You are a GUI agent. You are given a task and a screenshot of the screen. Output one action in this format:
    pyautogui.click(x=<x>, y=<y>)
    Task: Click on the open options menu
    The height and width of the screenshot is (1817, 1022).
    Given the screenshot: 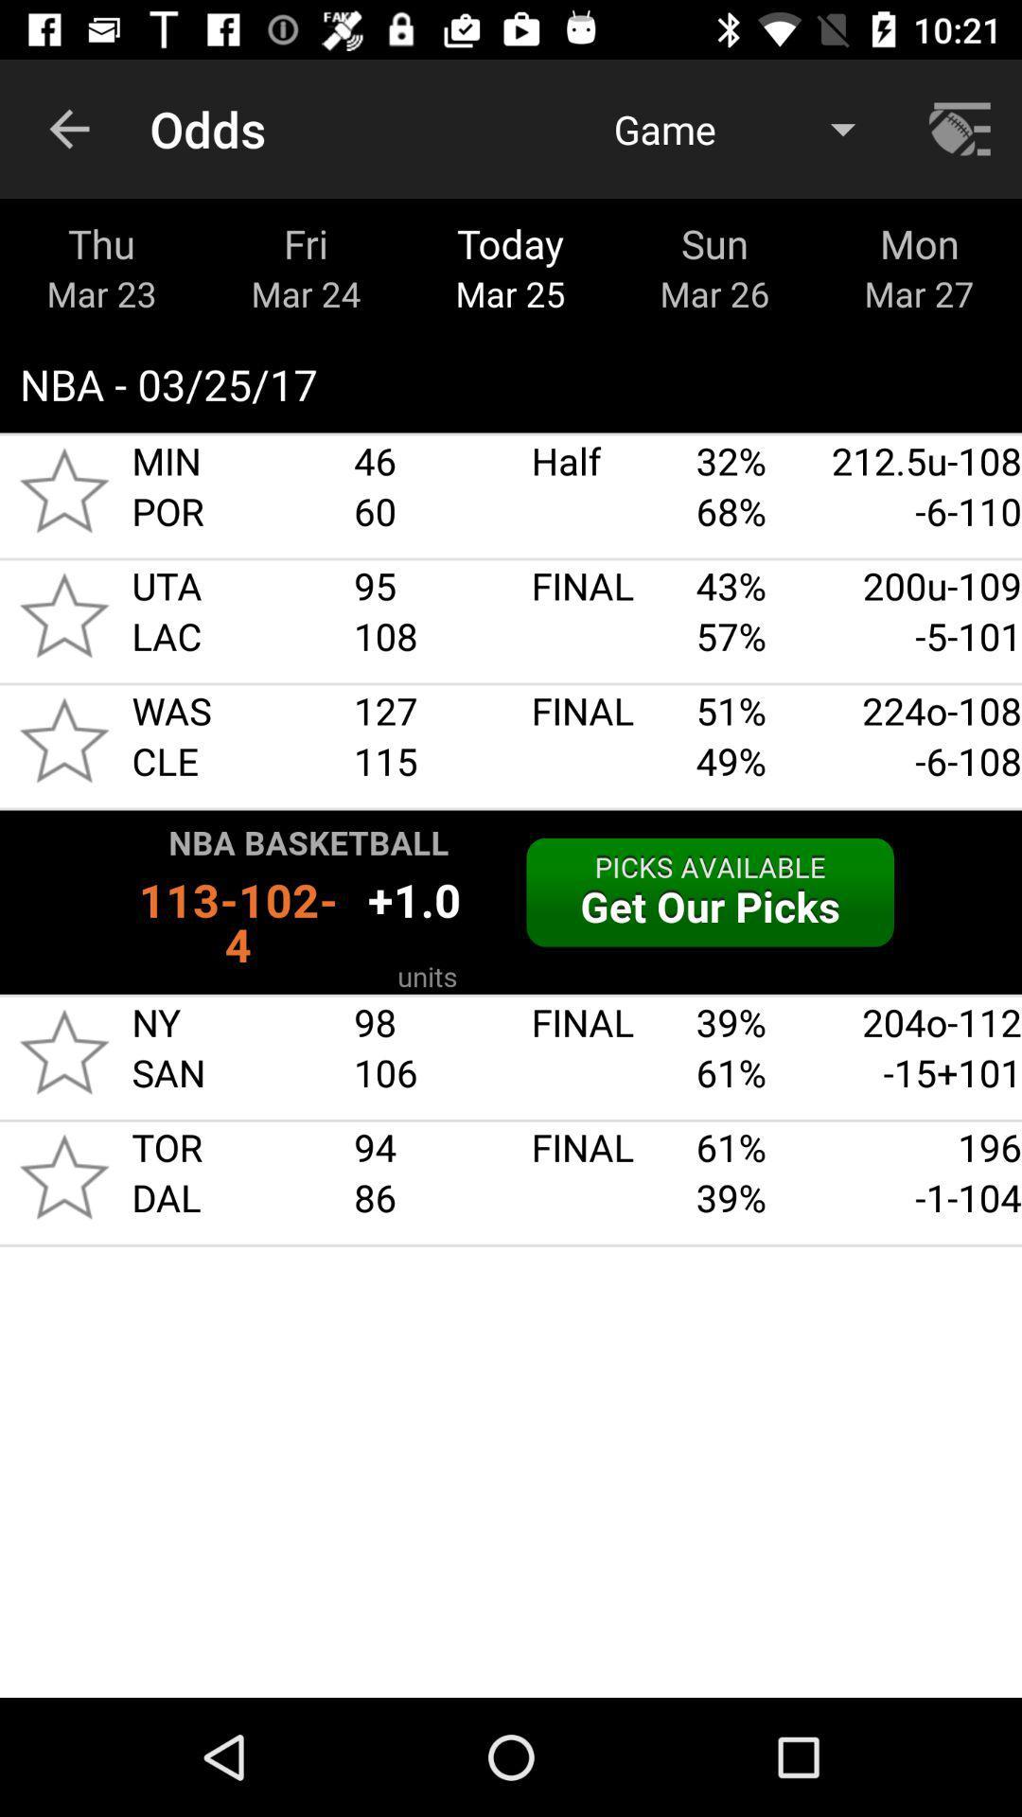 What is the action you would take?
    pyautogui.click(x=962, y=128)
    